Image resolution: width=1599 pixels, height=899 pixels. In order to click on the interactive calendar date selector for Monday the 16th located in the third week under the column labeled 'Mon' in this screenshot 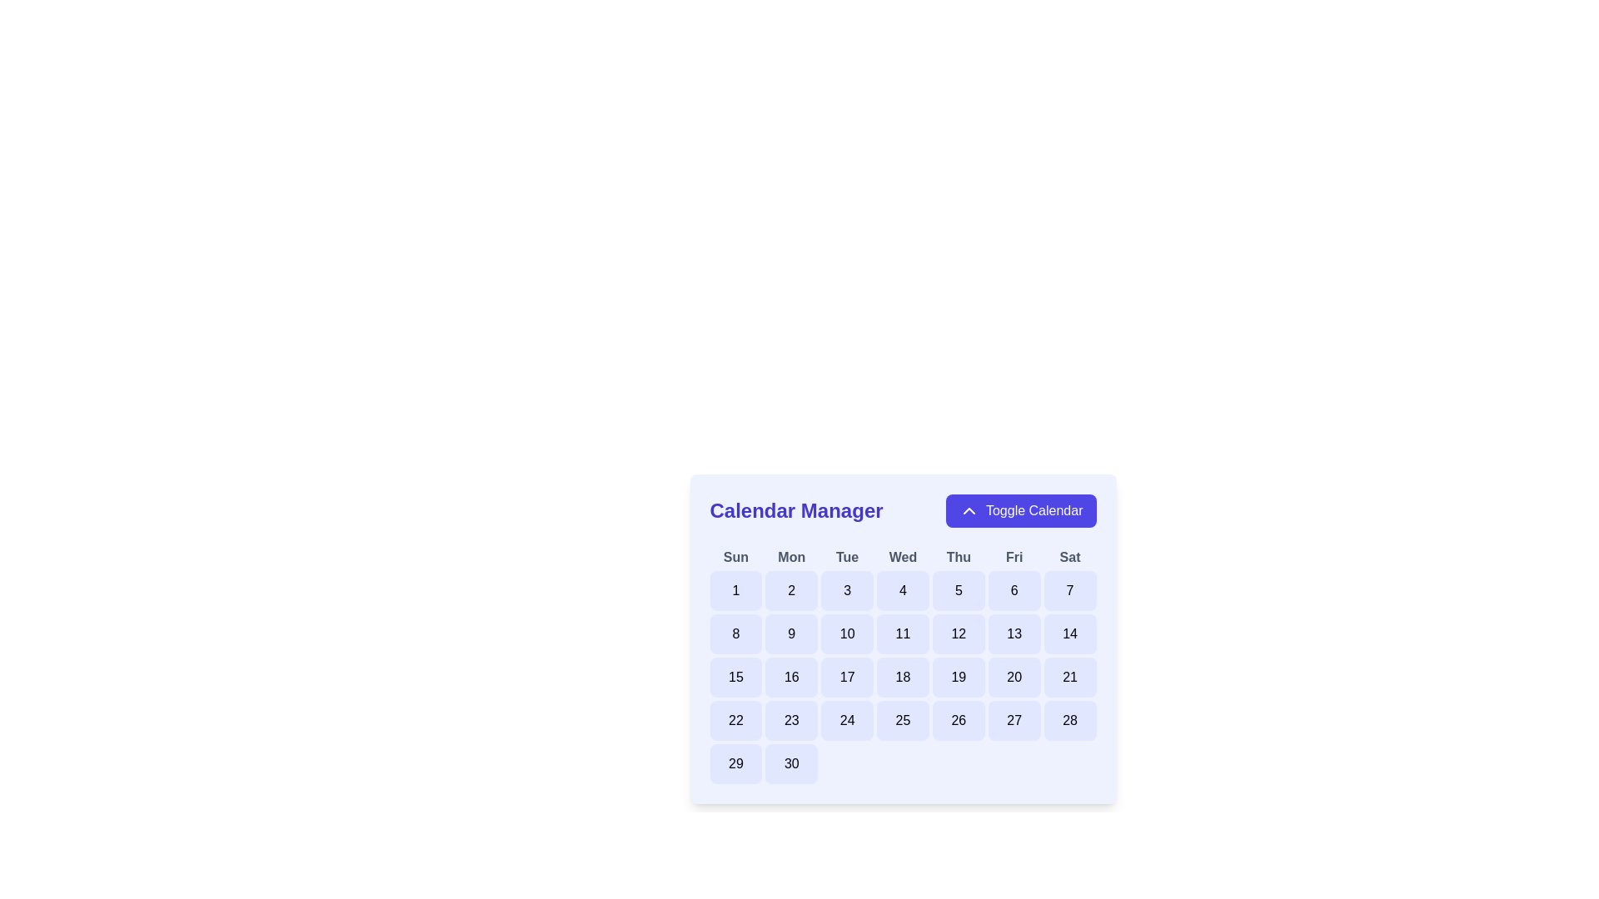, I will do `click(790, 677)`.